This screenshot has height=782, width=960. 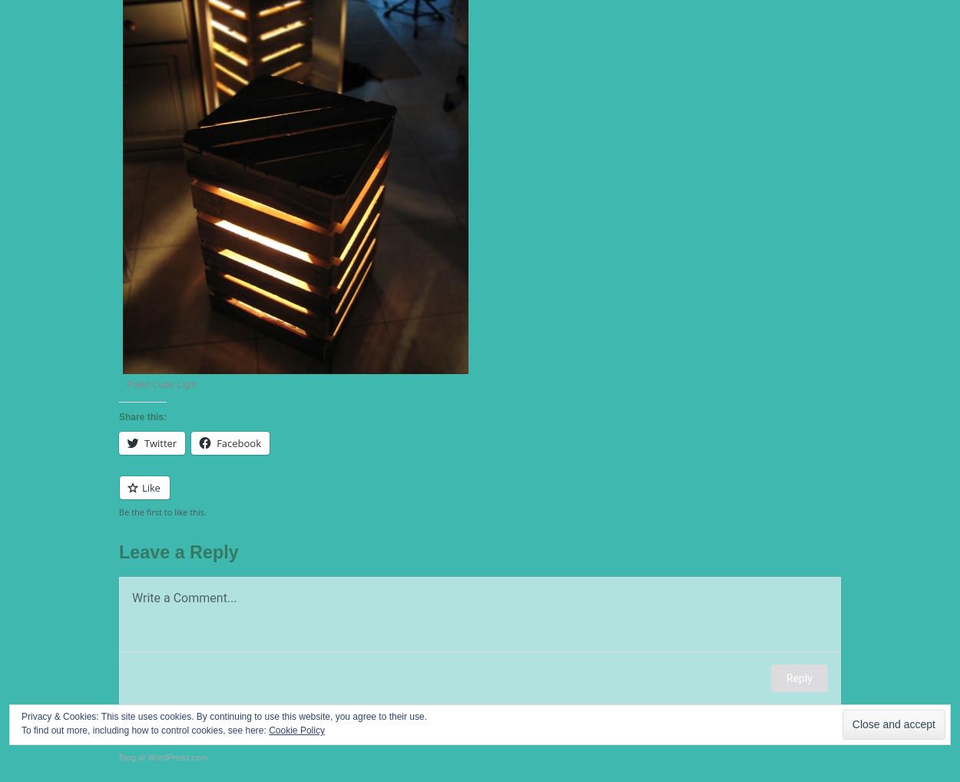 What do you see at coordinates (22, 730) in the screenshot?
I see `'To find out more, including how to control cookies, see here:'` at bounding box center [22, 730].